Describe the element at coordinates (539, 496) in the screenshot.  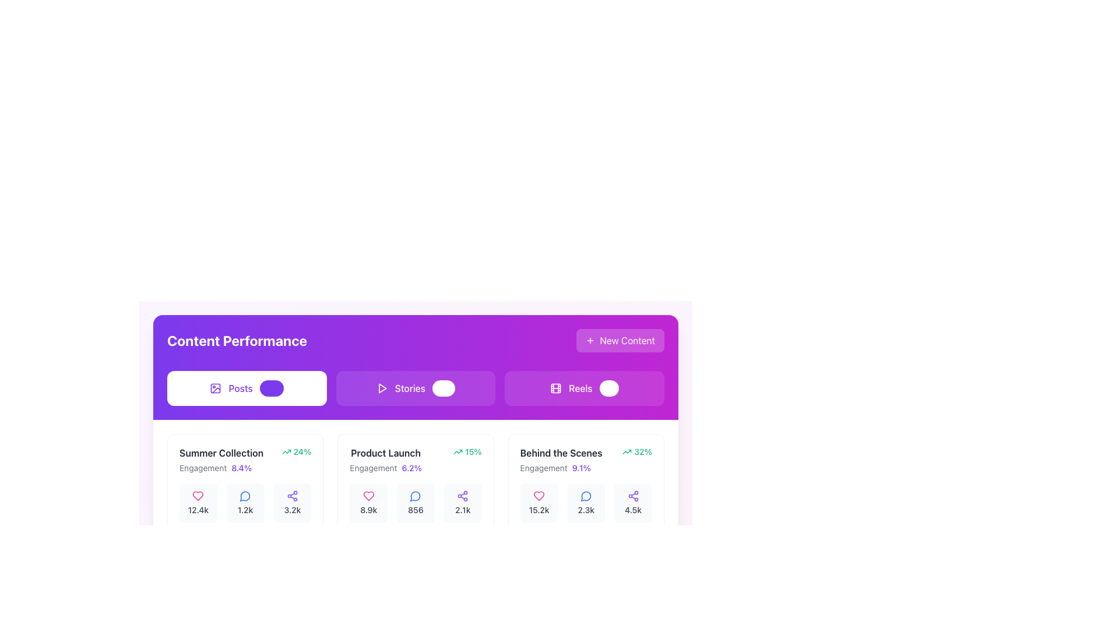
I see `the heart-shaped icon outlined in pink, which is positioned above the text '15.2k' in the third column of a three-column grid layout` at that location.